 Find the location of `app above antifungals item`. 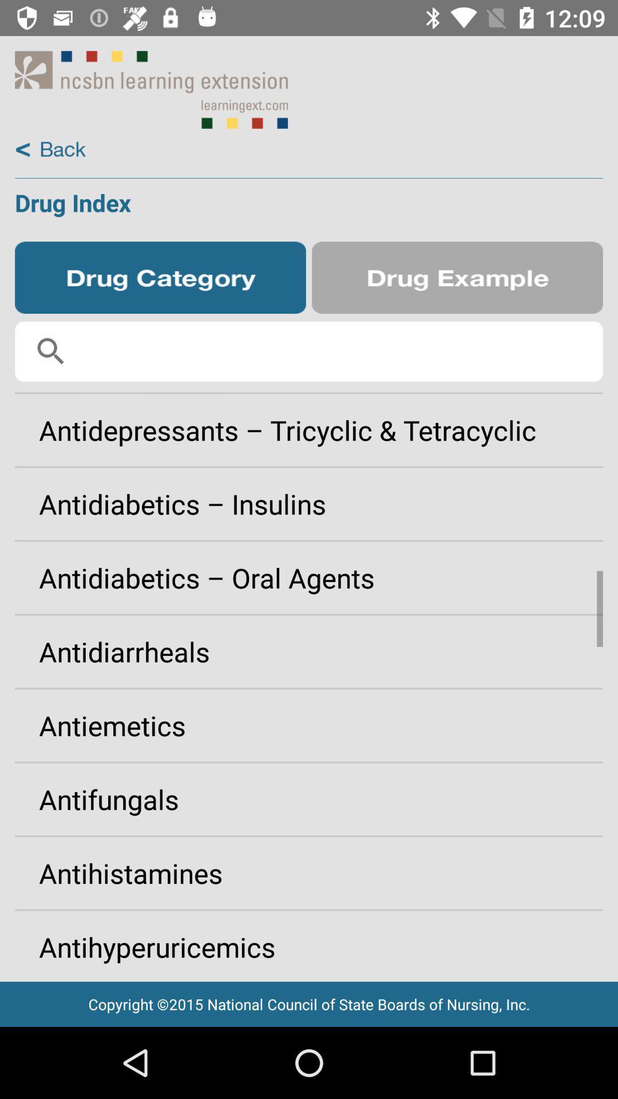

app above antifungals item is located at coordinates (309, 725).